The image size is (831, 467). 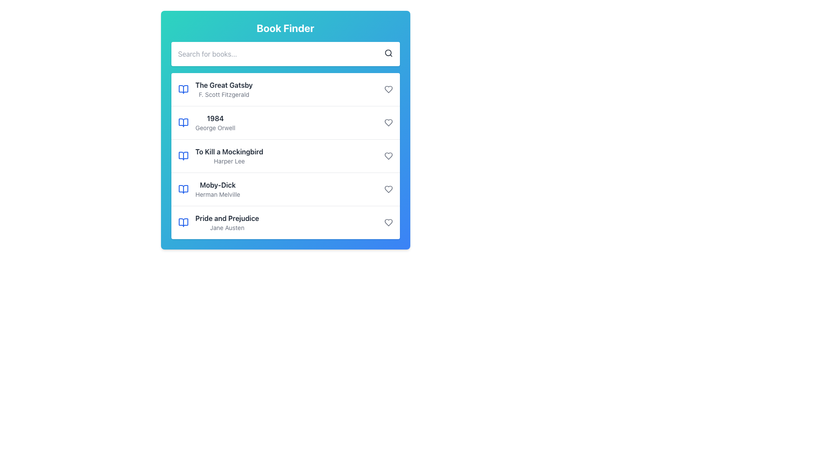 What do you see at coordinates (387, 53) in the screenshot?
I see `the decorative circular graphic within the SVG component of the search magnifying glass icon located in the top-right corner of the application’s header` at bounding box center [387, 53].